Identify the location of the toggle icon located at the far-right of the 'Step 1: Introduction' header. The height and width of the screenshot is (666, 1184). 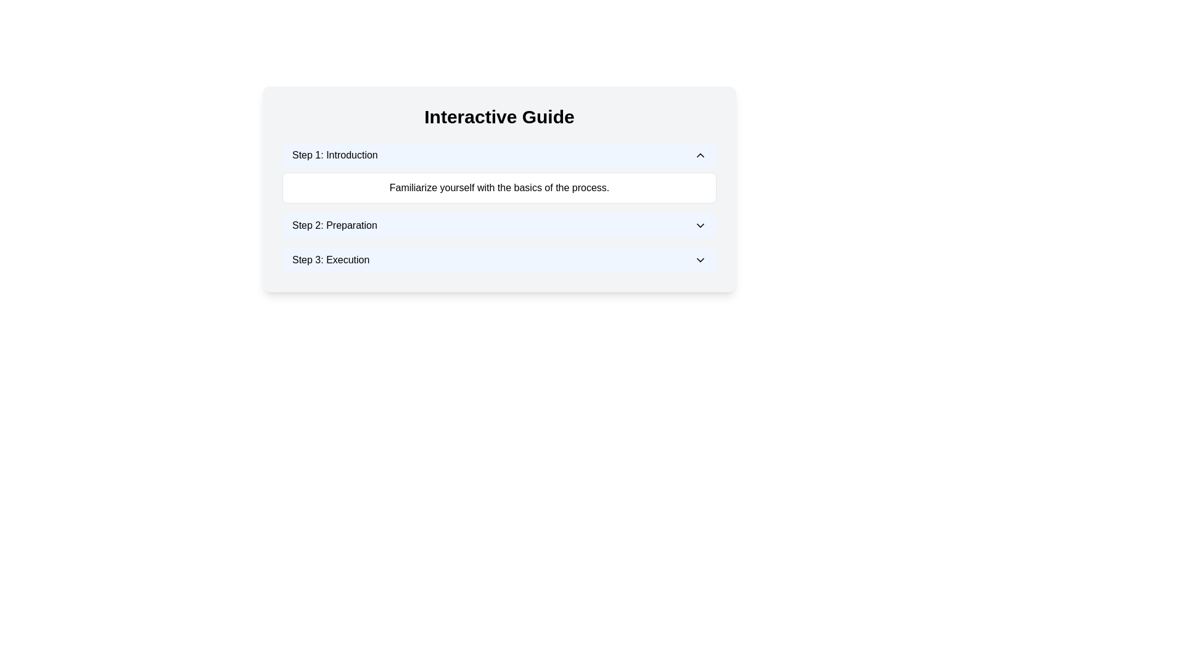
(701, 154).